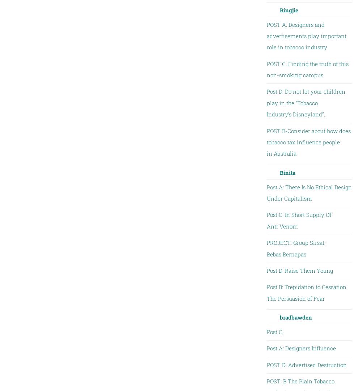 This screenshot has height=391, width=362. I want to click on 'Post C: In Short Supply Of Anti Venom', so click(298, 220).